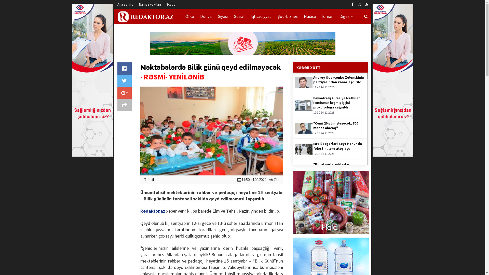  What do you see at coordinates (222, 16) in the screenshot?
I see `'Siyasi'` at bounding box center [222, 16].